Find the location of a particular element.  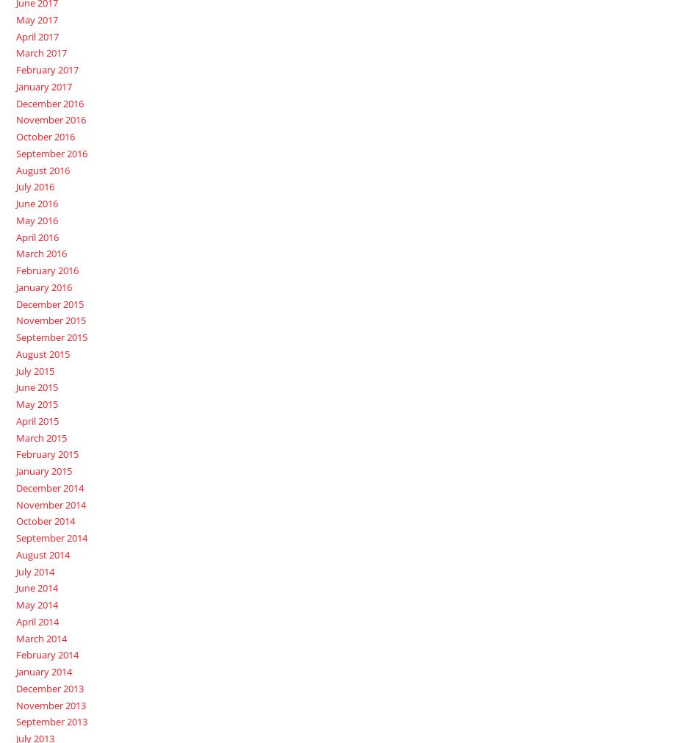

'May 2014' is located at coordinates (36, 603).